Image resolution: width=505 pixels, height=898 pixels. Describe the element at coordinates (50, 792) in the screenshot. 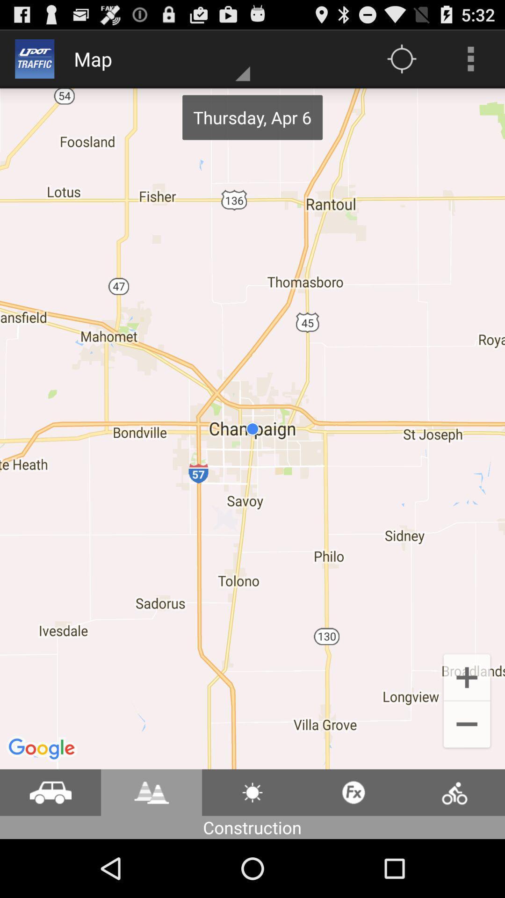

I see `drive` at that location.